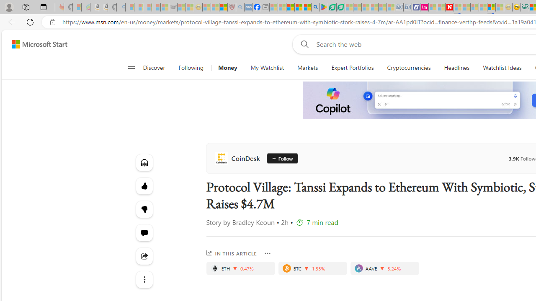 The height and width of the screenshot is (301, 536). I want to click on 'Watchlist Ideas', so click(502, 68).